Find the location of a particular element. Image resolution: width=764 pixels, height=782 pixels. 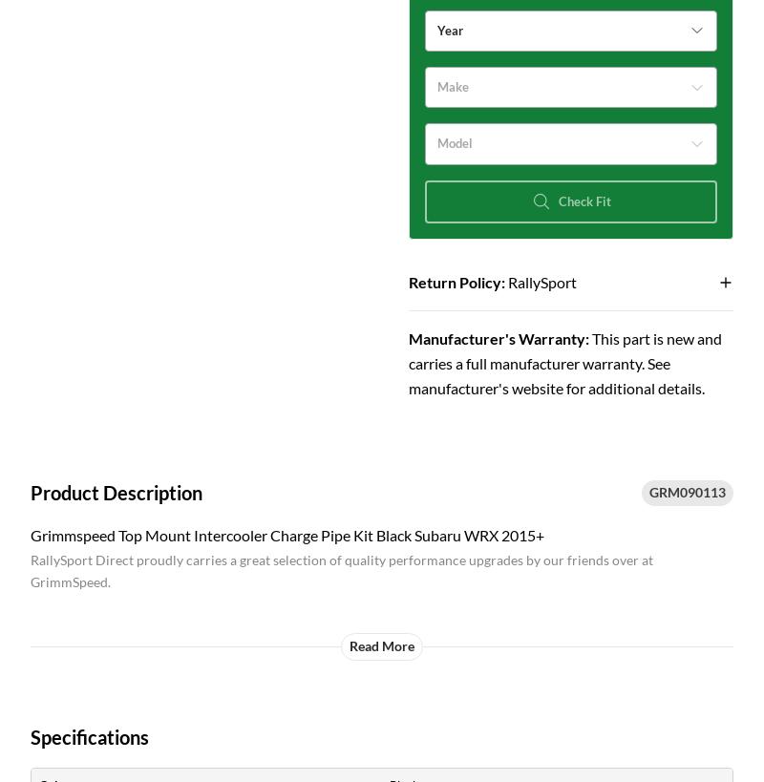

'Returns' is located at coordinates (411, 282).